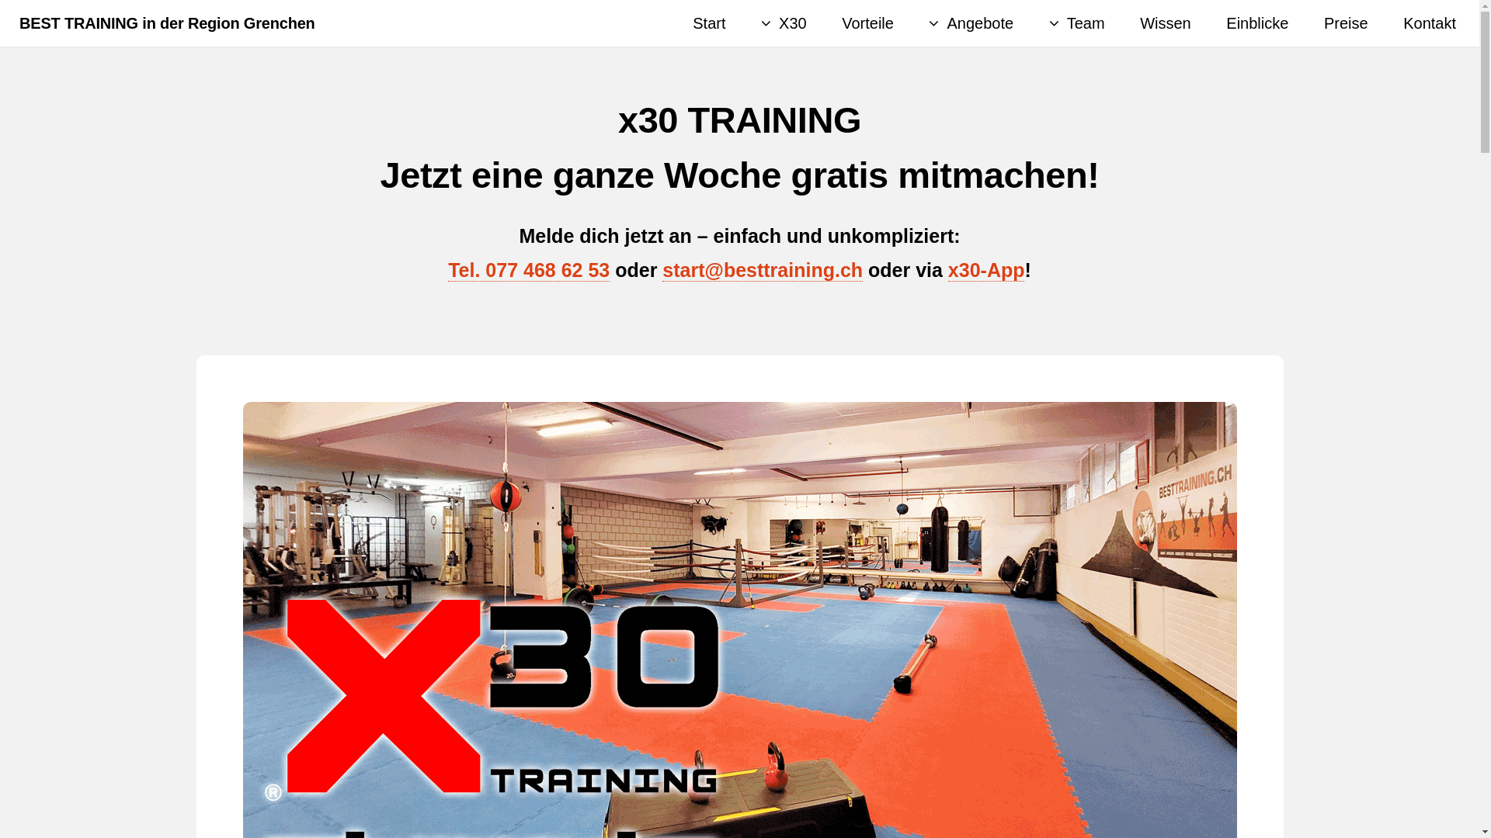  Describe the element at coordinates (1345, 23) in the screenshot. I see `'Preise'` at that location.